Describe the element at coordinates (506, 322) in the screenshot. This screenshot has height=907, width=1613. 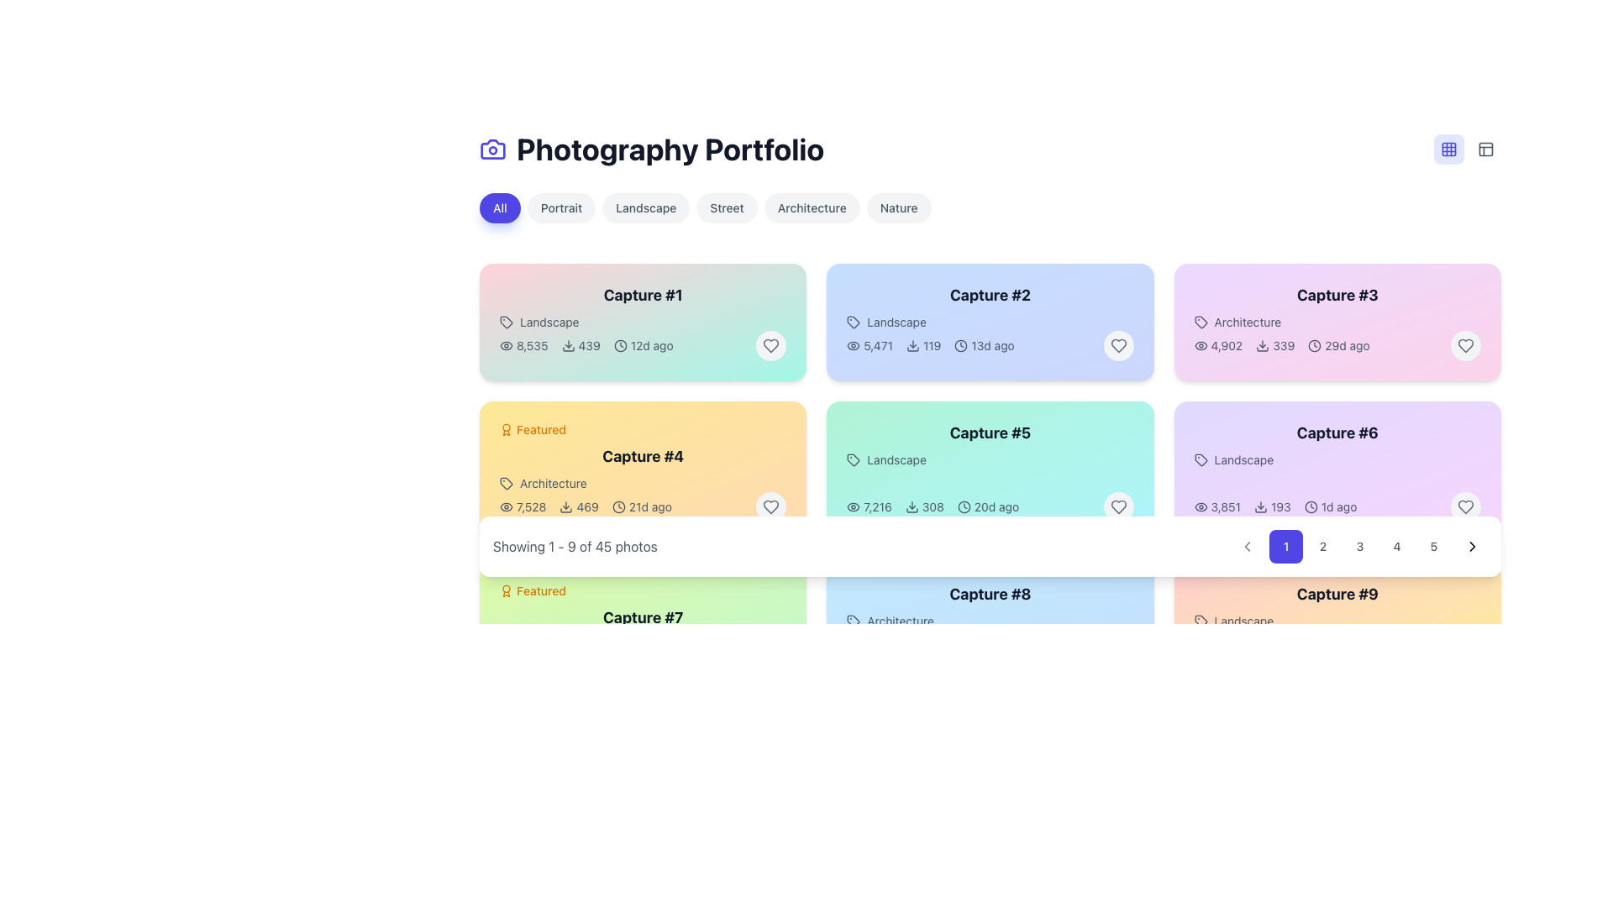
I see `the tag icon located to the left of the label text in the photo album interface, which categorizes the images as 'Landscape' or 'Architecture'` at that location.